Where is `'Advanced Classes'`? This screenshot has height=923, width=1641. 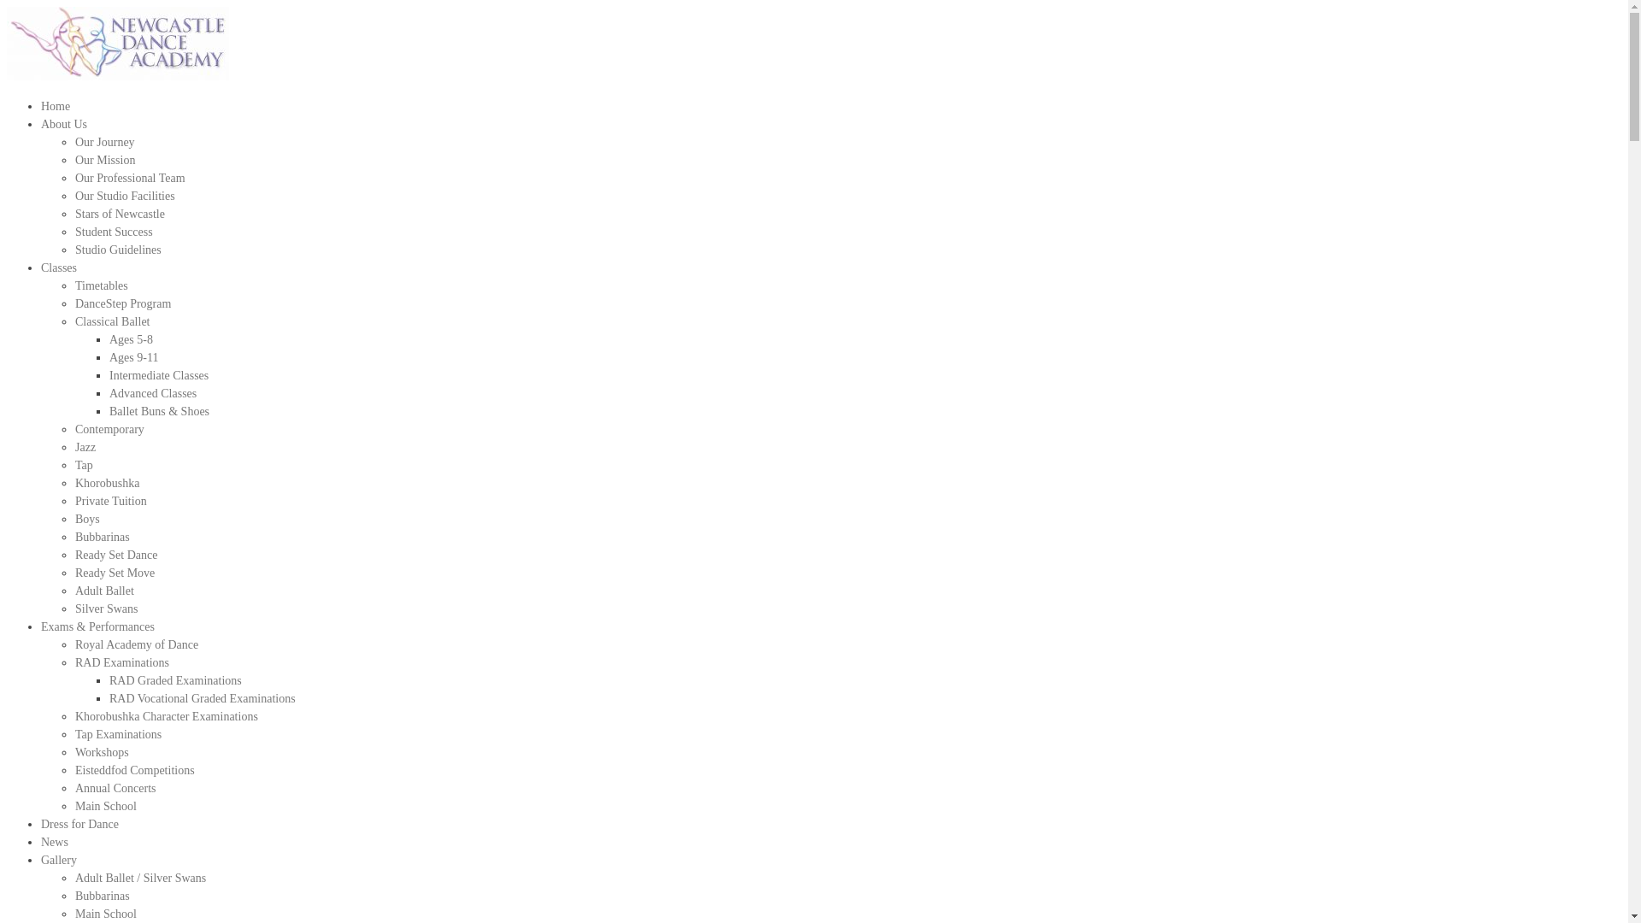 'Advanced Classes' is located at coordinates (109, 393).